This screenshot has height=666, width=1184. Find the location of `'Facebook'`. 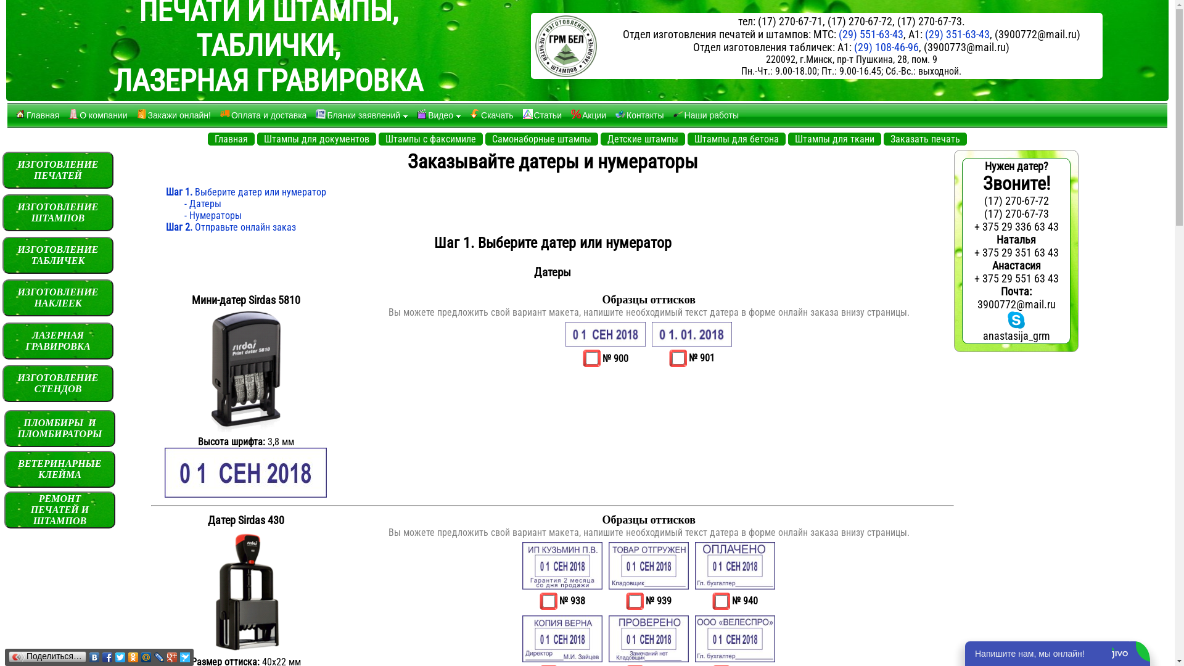

'Facebook' is located at coordinates (107, 656).